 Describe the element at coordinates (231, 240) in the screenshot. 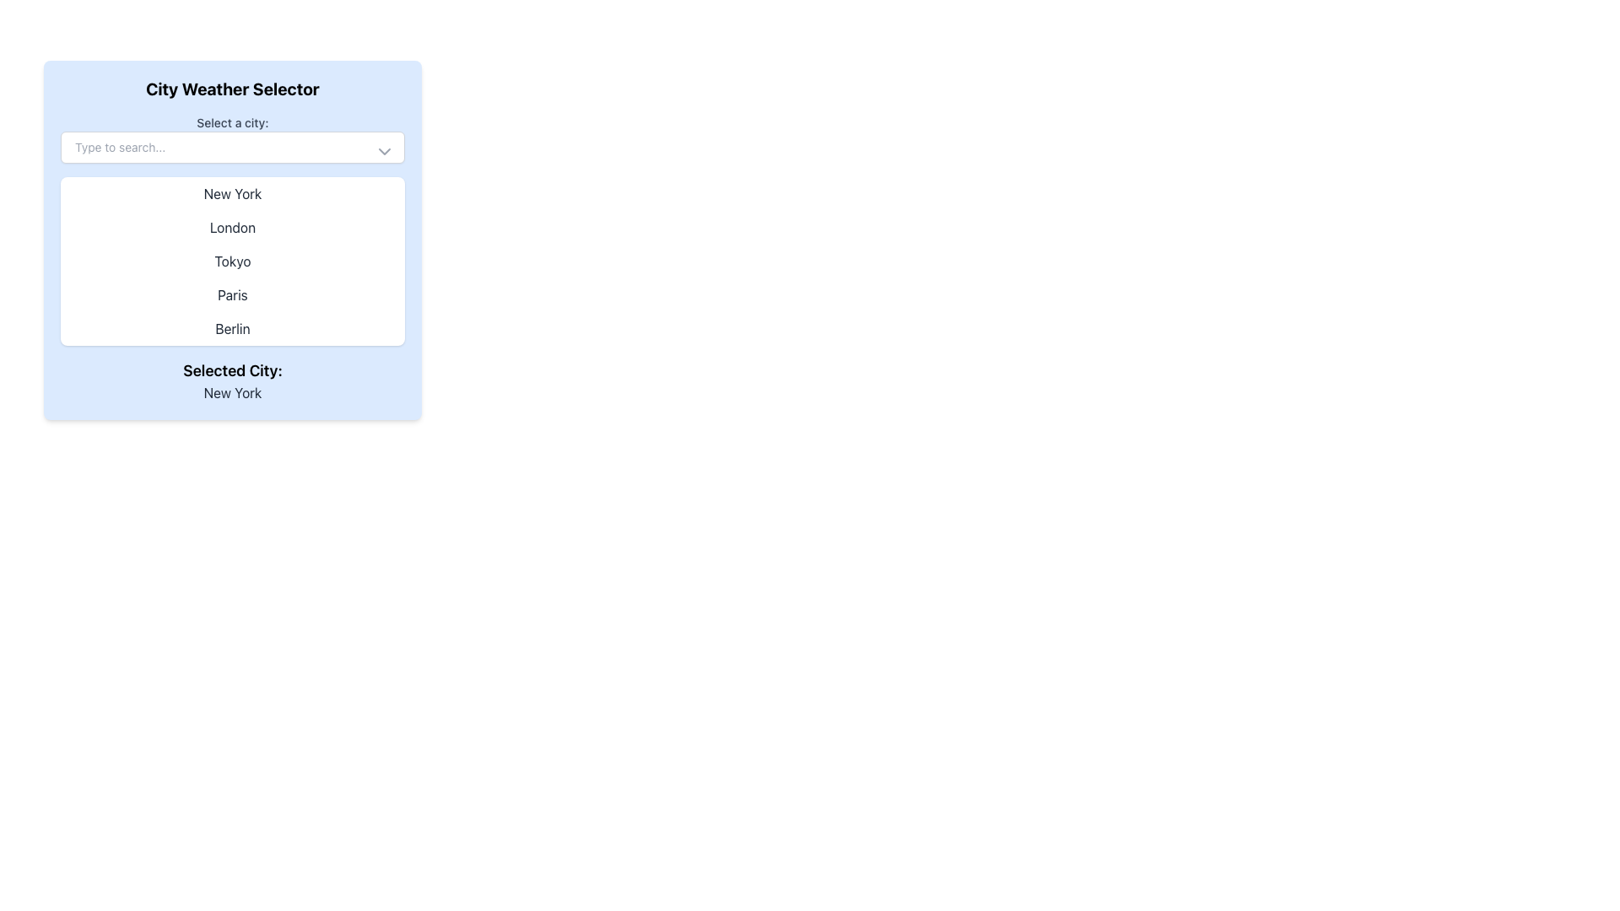

I see `the second item in the dropdown list, which is 'London'` at that location.